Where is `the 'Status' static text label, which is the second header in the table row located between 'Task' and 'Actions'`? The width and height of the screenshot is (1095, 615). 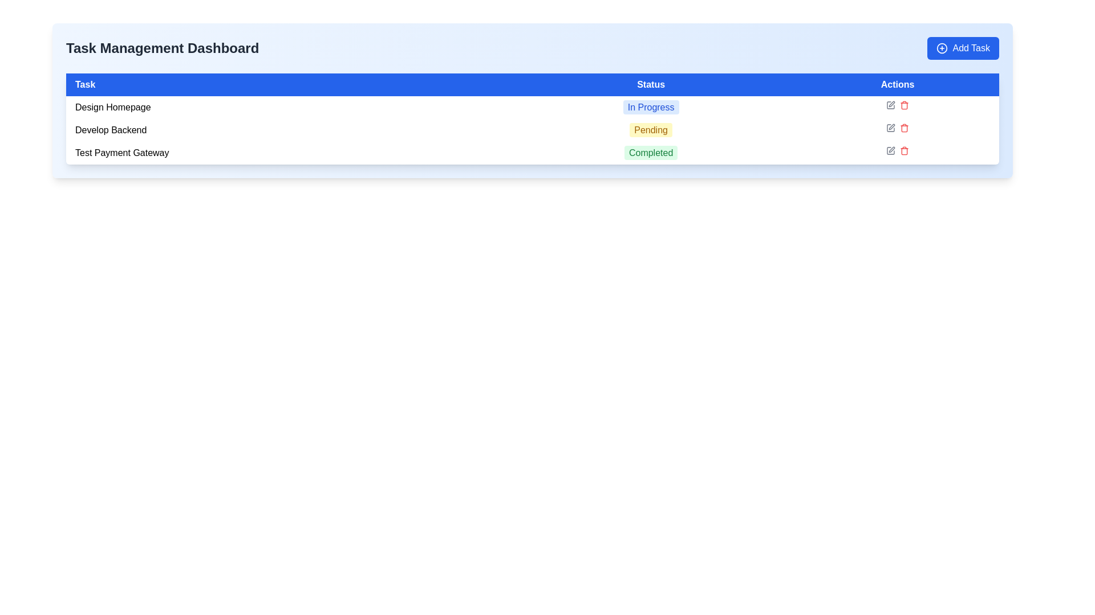
the 'Status' static text label, which is the second header in the table row located between 'Task' and 'Actions' is located at coordinates (651, 84).